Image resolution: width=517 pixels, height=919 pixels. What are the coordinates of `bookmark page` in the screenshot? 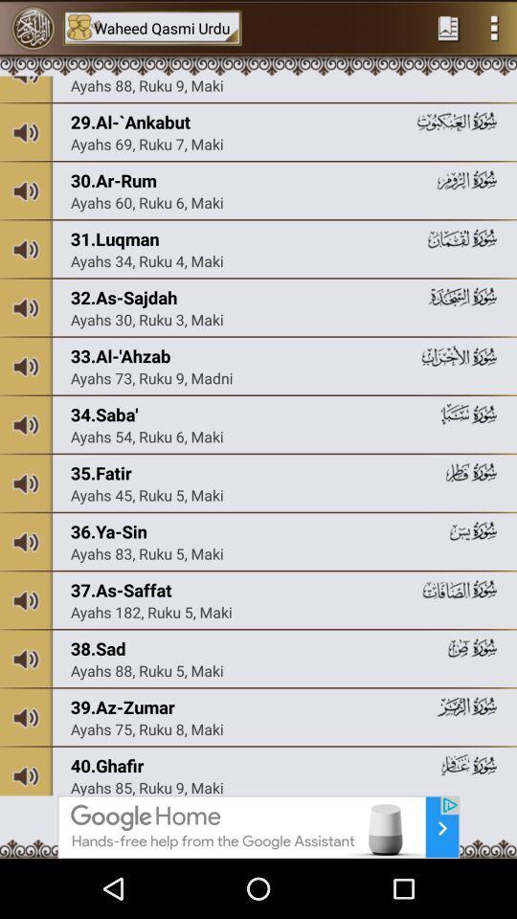 It's located at (448, 27).